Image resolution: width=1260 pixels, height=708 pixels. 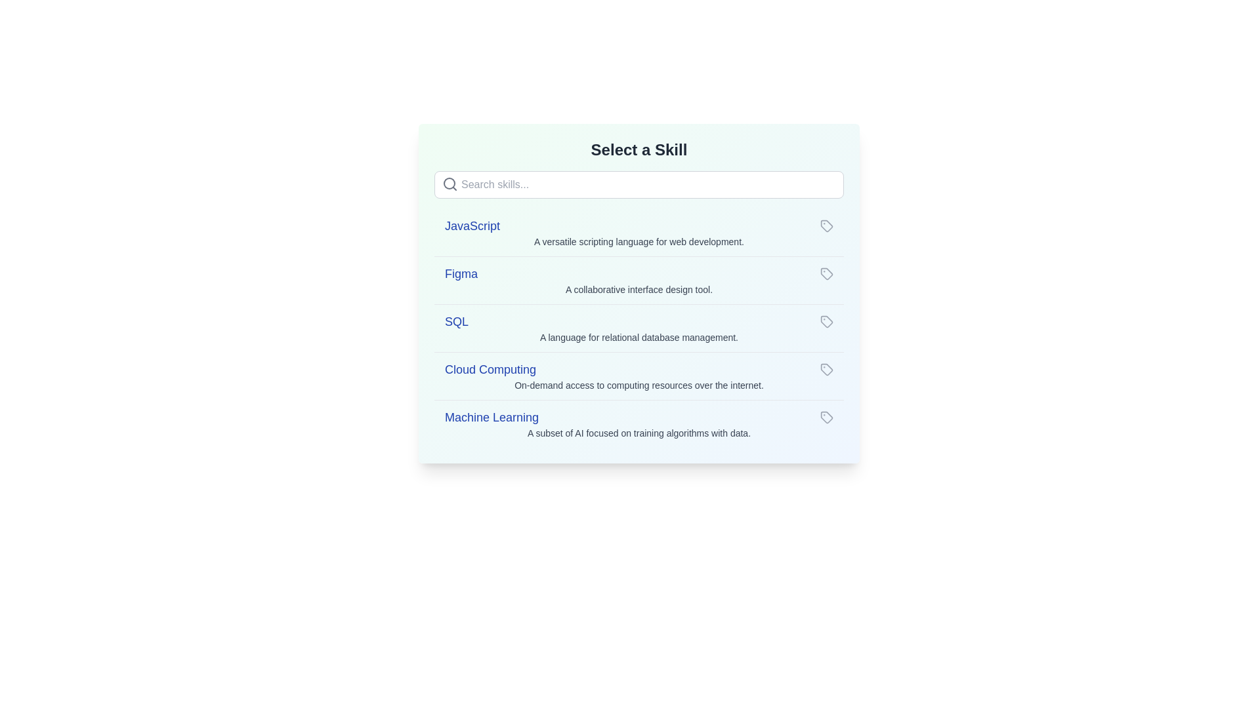 What do you see at coordinates (639, 369) in the screenshot?
I see `the 'Cloud Computing' list item` at bounding box center [639, 369].